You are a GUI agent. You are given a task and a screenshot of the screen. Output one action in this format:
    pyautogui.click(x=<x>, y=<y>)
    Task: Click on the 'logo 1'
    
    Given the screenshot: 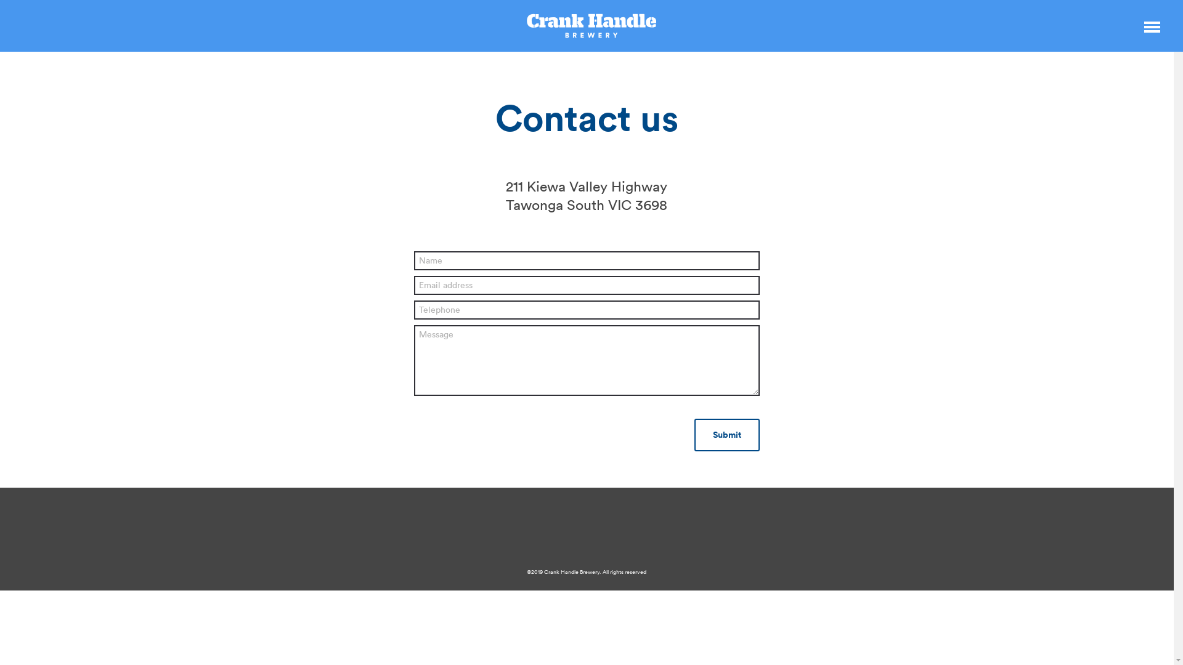 What is the action you would take?
    pyautogui.click(x=591, y=26)
    